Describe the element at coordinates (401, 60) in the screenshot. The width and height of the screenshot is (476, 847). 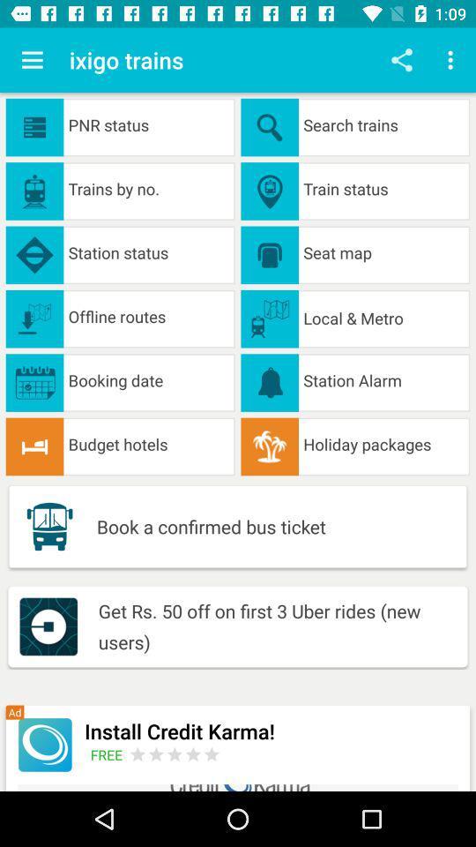
I see `share` at that location.